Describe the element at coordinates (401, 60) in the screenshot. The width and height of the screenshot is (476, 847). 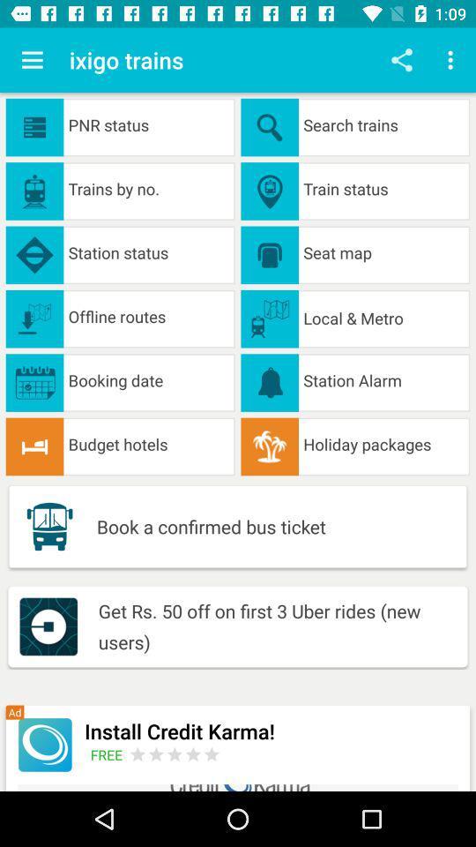
I see `share` at that location.